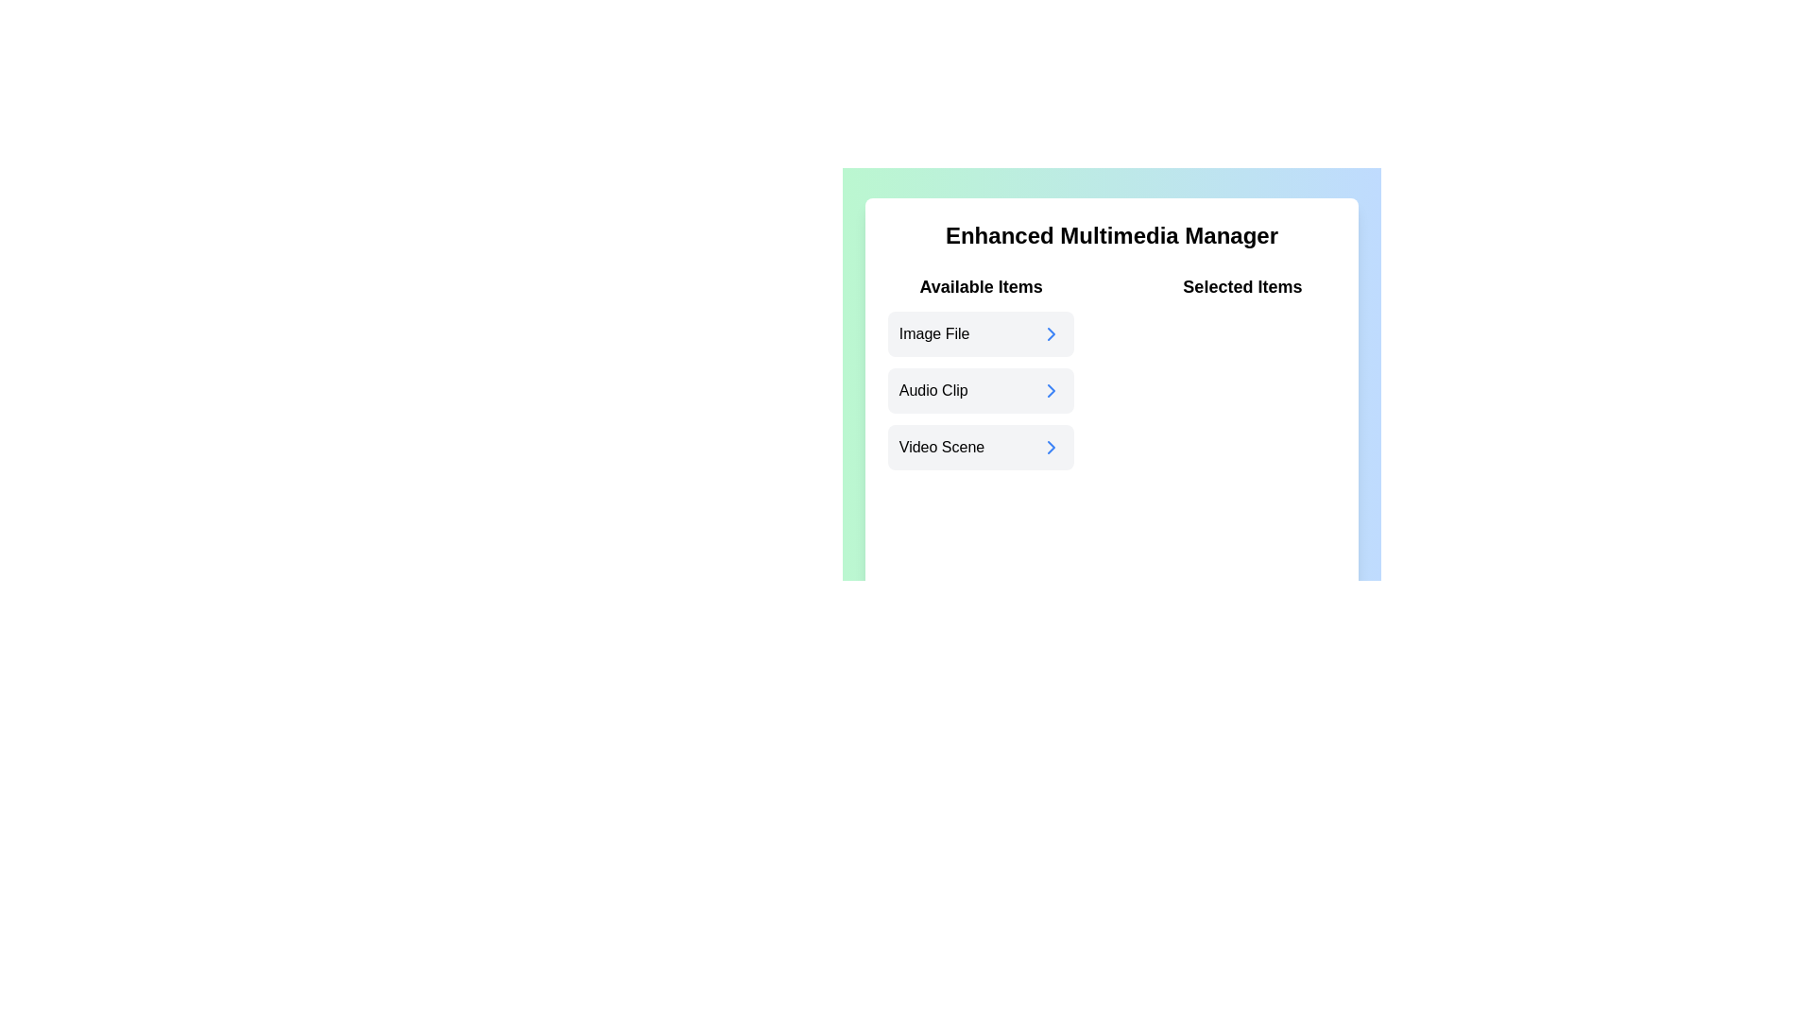 The image size is (1814, 1020). Describe the element at coordinates (933, 389) in the screenshot. I see `the text label that identifies a selectable item in the multimedia management interface, which is the second item in the 'Available Items' section on the left side` at that location.